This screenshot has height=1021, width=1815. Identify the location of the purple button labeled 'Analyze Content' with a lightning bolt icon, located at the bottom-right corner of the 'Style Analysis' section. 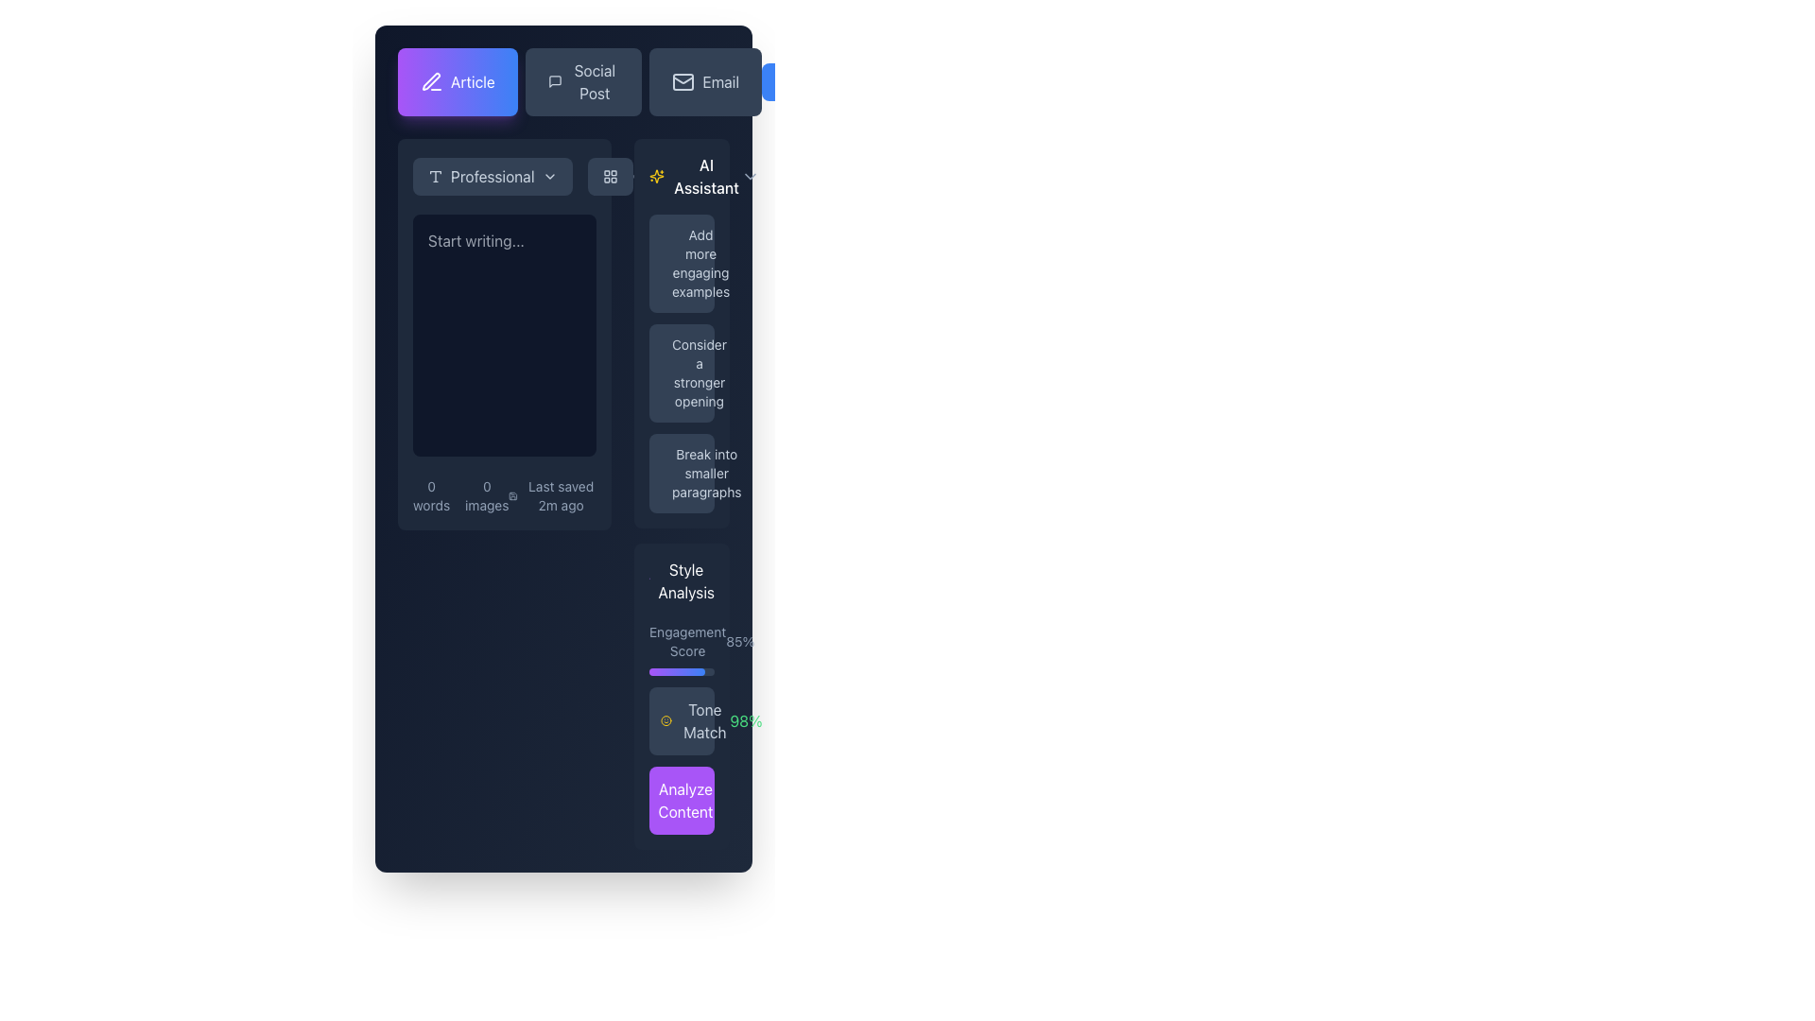
(681, 801).